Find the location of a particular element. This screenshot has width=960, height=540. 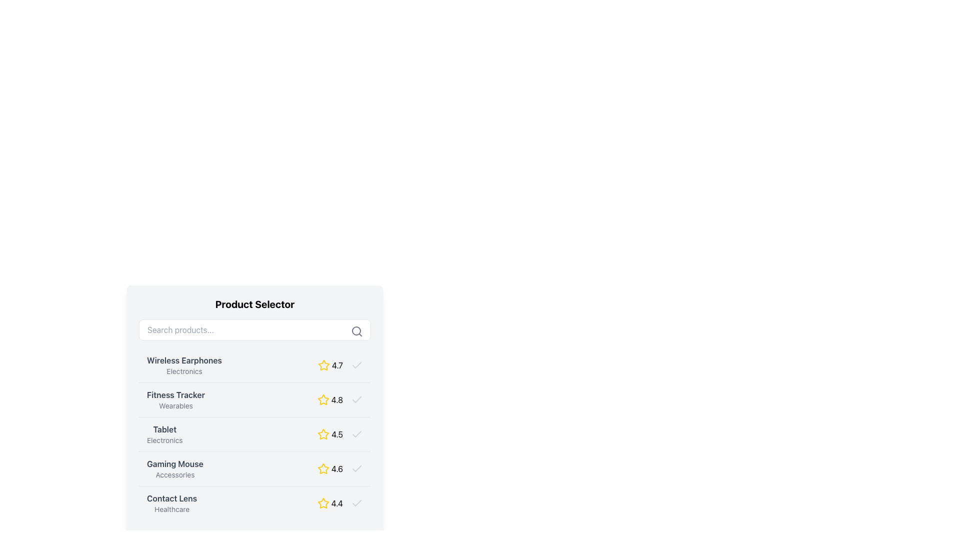

the text label displaying 'Wearables' located below the title 'Fitness Tracker' in a descriptive section of the fitness tracker list item is located at coordinates (175, 406).